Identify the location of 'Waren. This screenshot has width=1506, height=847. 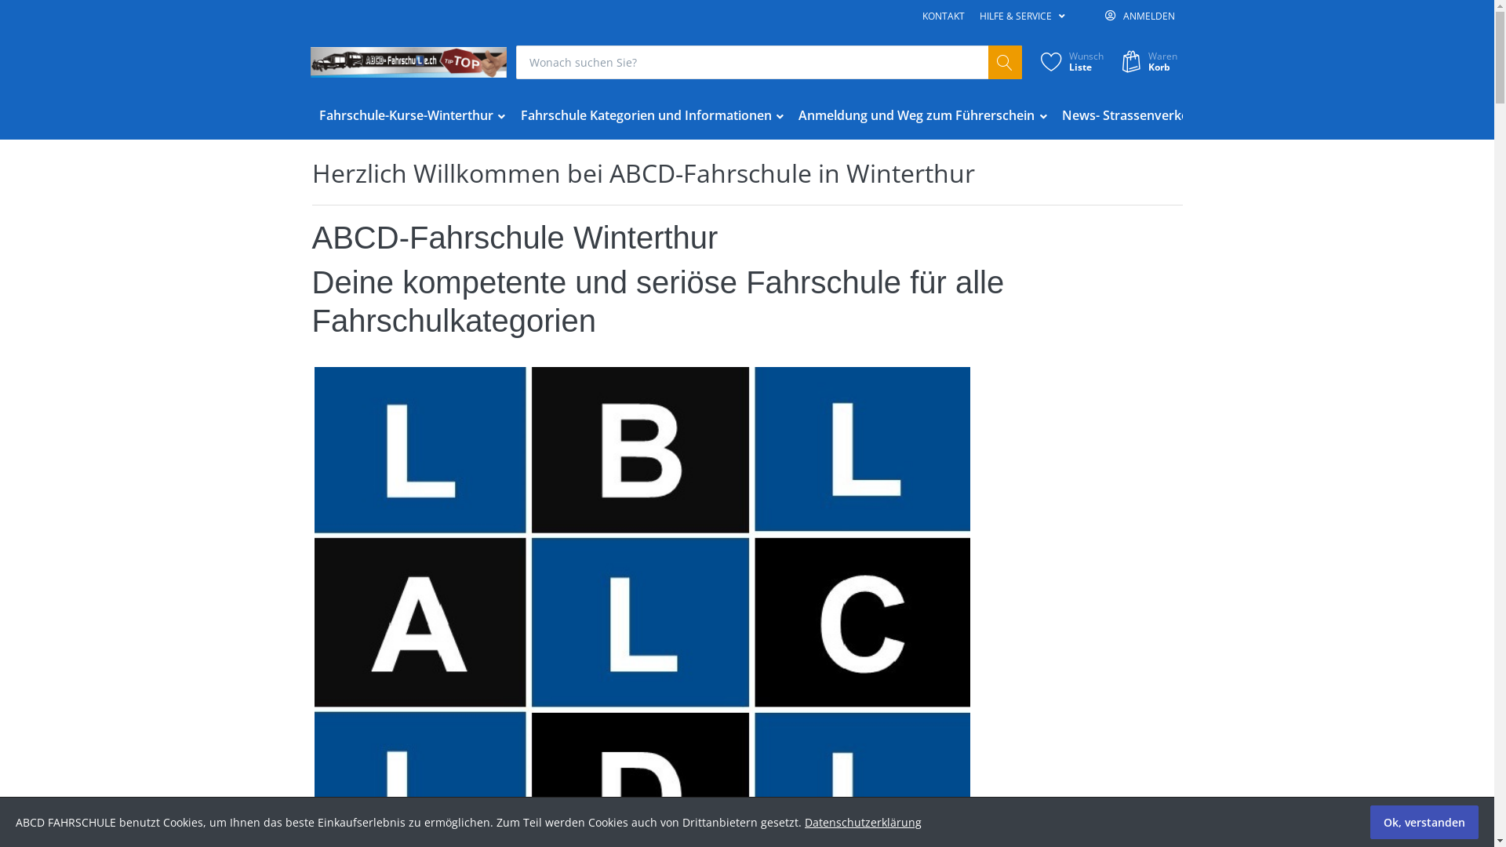
(1148, 61).